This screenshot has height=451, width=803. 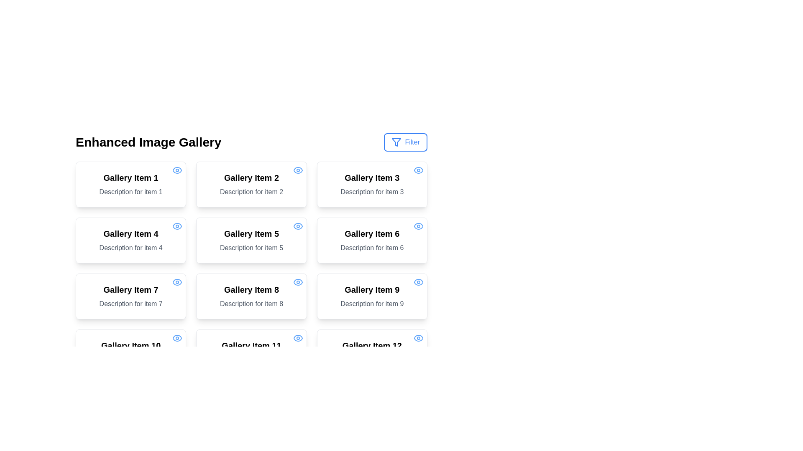 I want to click on the text label styled with bold, extra-large font that reads 'Gallery Item 1', located within the first card of the grid layout, so click(x=130, y=177).